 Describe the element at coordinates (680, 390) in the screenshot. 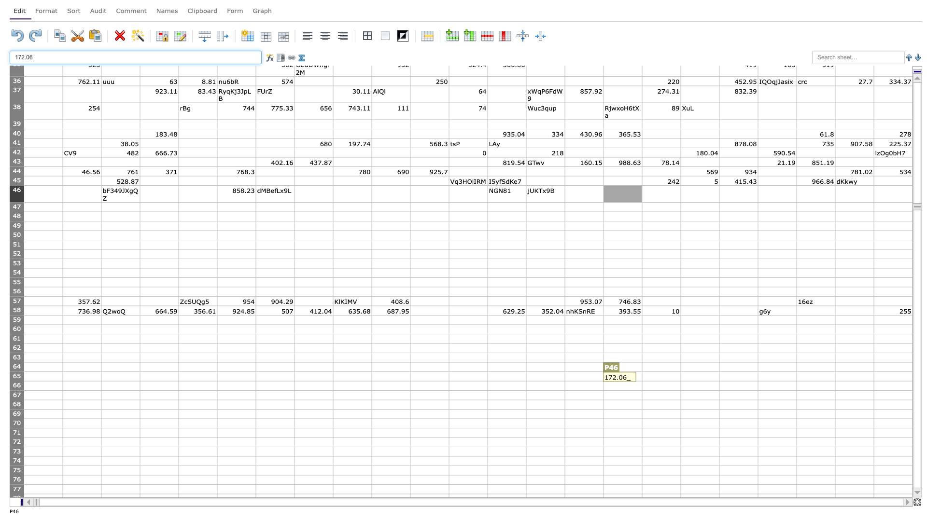

I see `Lower right of Q66` at that location.